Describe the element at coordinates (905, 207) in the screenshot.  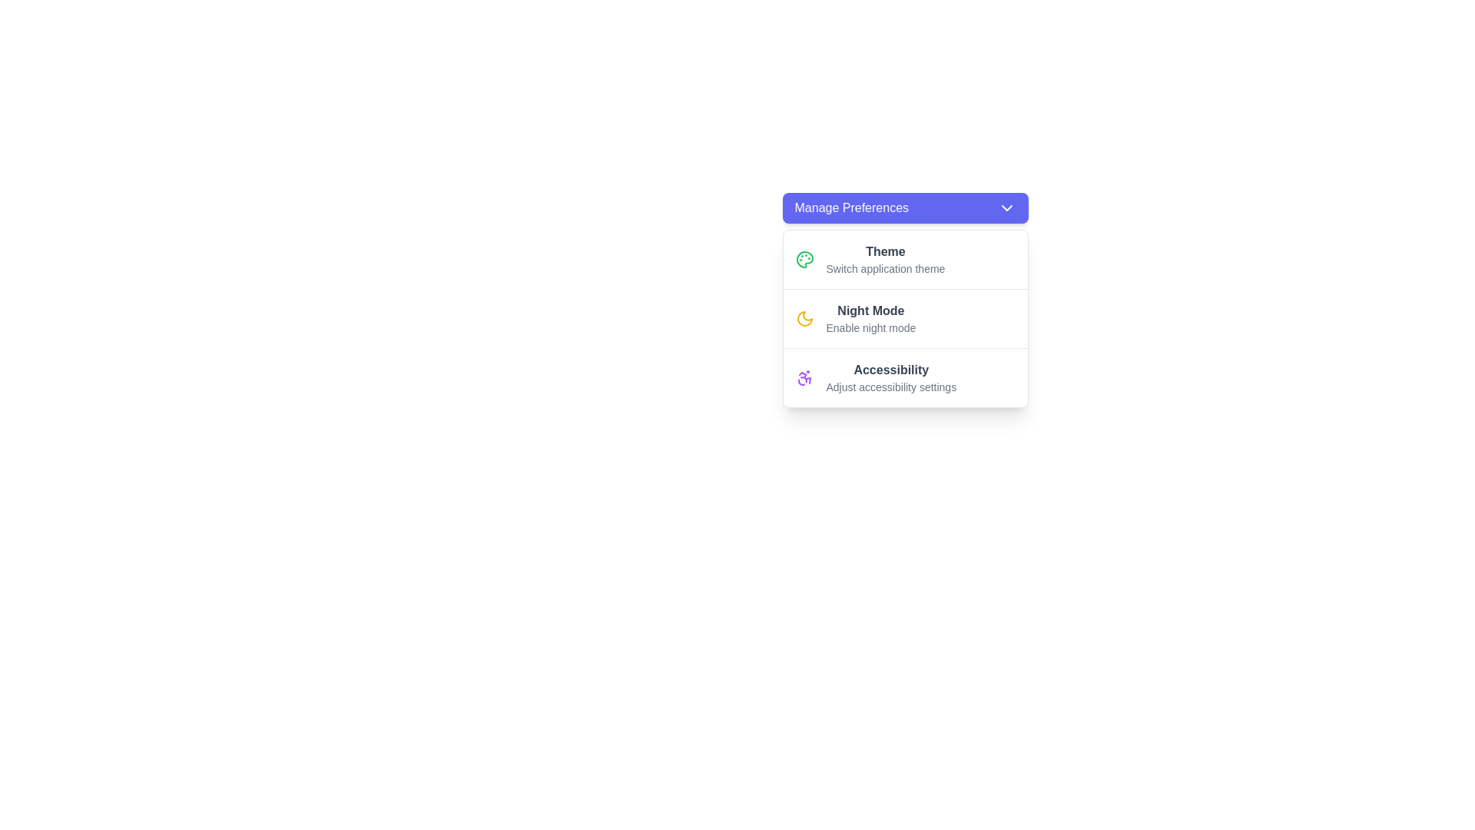
I see `the 'Manage Preferences' button with a vibrant purple background and white text` at that location.